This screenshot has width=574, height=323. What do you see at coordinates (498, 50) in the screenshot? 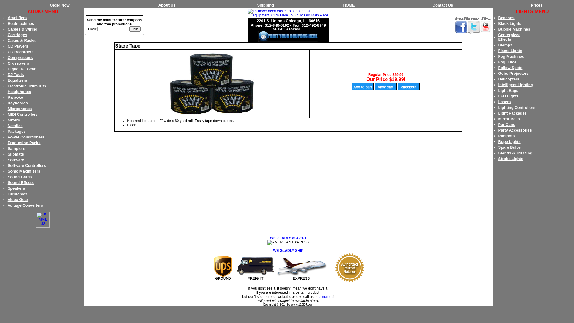
I see `'Flame Lights'` at bounding box center [498, 50].